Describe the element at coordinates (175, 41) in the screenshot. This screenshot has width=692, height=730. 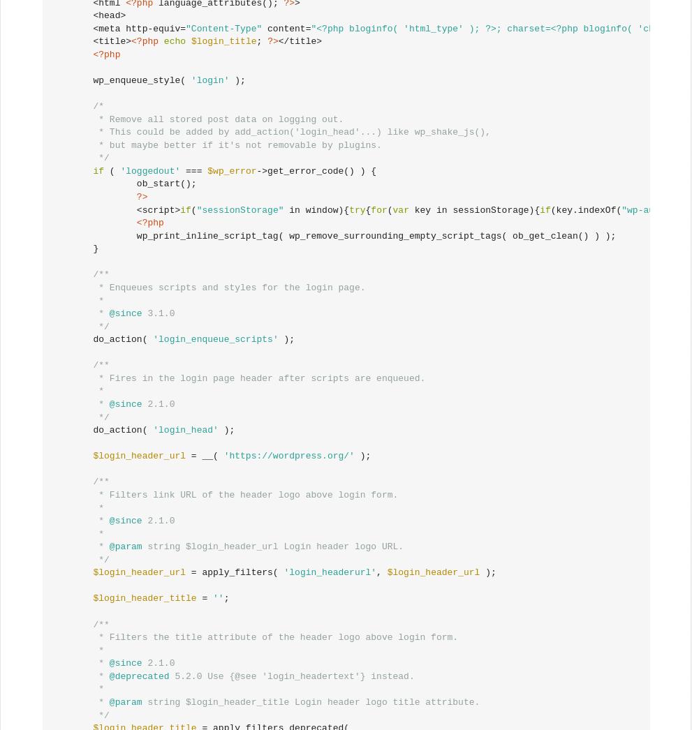
I see `'echo'` at that location.